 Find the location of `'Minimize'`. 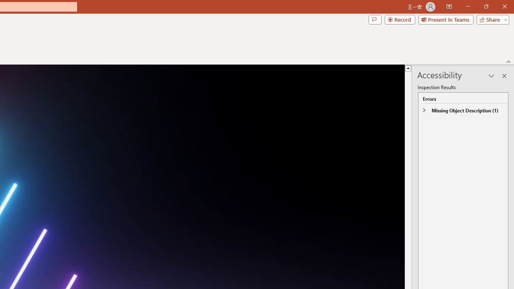

'Minimize' is located at coordinates (467, 6).